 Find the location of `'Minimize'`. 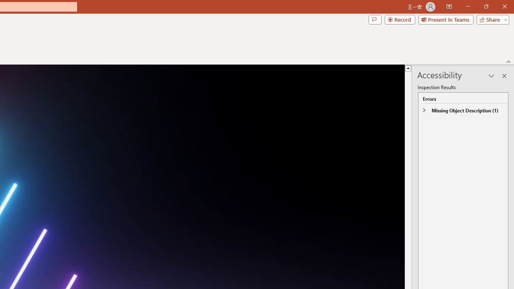

'Minimize' is located at coordinates (467, 6).